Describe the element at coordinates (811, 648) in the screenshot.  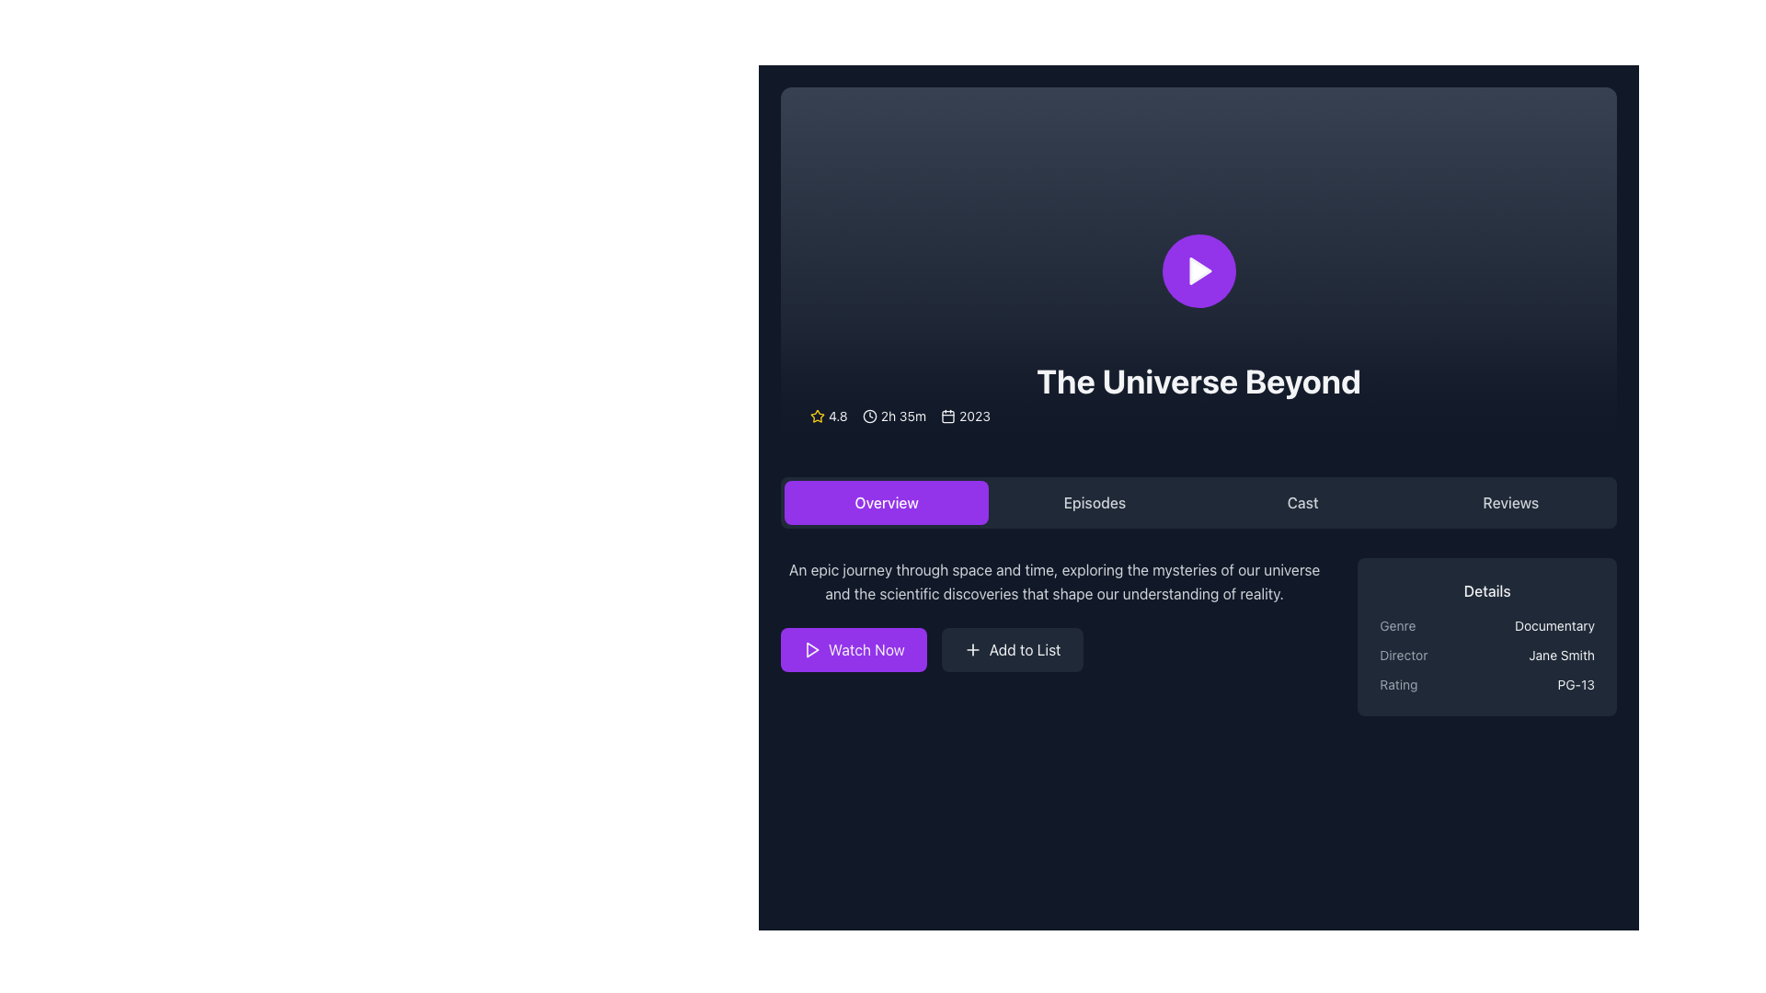
I see `the Play icon located within the 'Watch Now' button, which is left-aligned to the corresponding 'Watch Now' text` at that location.